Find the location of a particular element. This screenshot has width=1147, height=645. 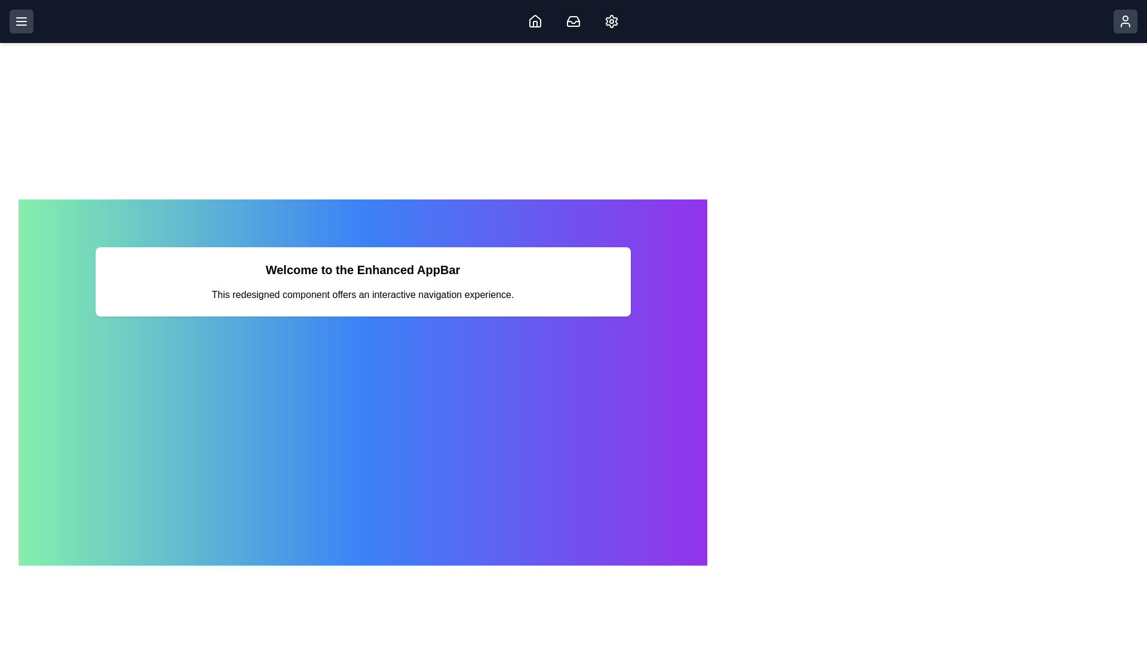

the Home icon button to navigate to the home page is located at coordinates (535, 21).